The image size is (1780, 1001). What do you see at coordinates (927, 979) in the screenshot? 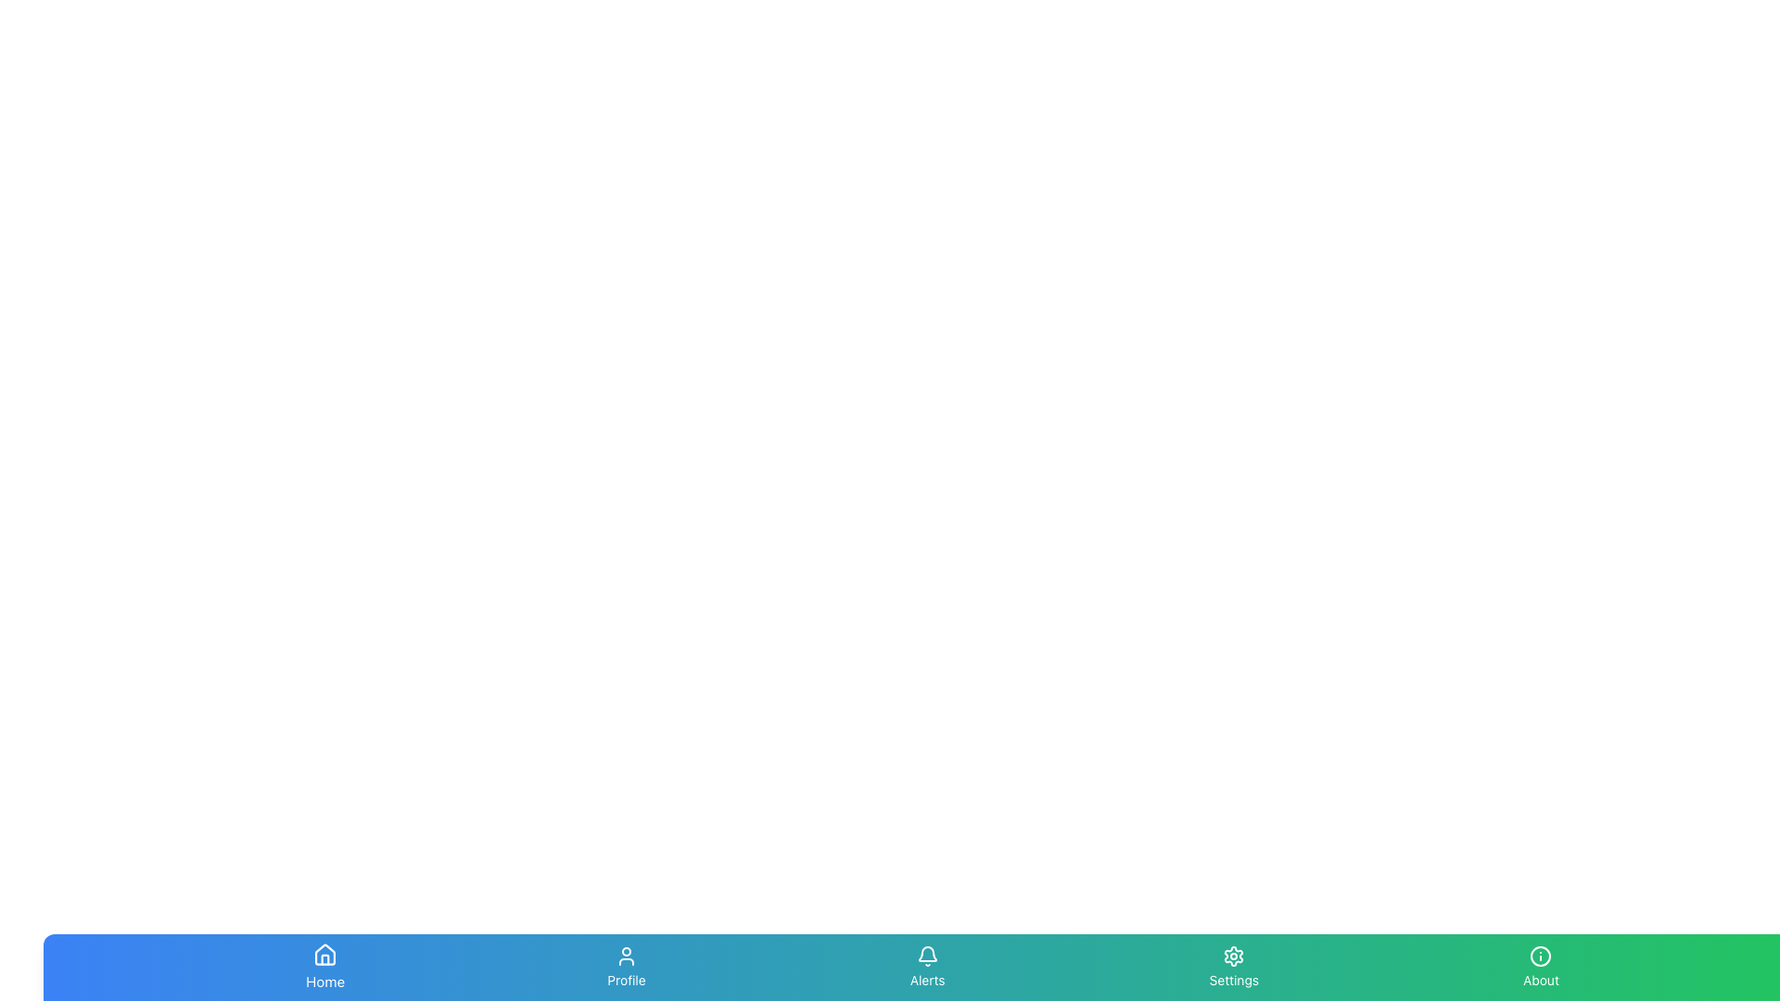
I see `the text label indicating alerts or notifications, located centrally in the bottom navigation bar beneath the bell-shaped icon` at bounding box center [927, 979].